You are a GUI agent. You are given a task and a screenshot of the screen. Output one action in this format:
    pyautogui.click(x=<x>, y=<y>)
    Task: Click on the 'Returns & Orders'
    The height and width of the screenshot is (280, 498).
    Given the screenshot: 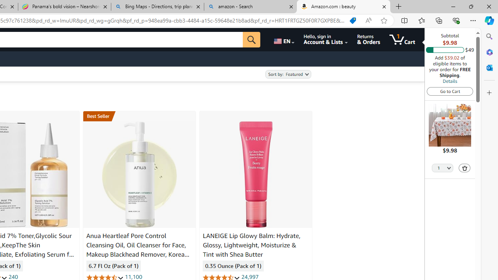 What is the action you would take?
    pyautogui.click(x=368, y=39)
    